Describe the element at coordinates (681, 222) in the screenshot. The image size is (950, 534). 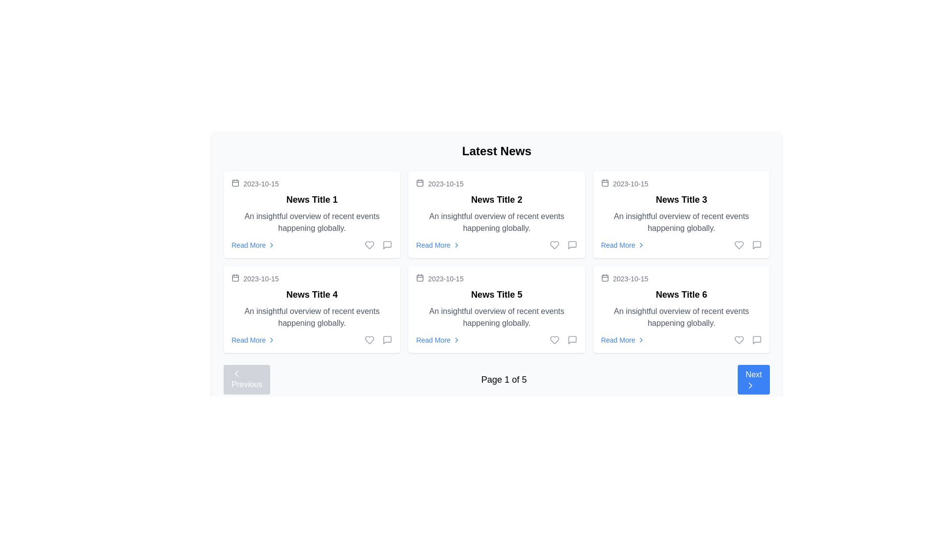
I see `information from the text block located below 'News Title 3' in the upper-right corner of the grid layout` at that location.